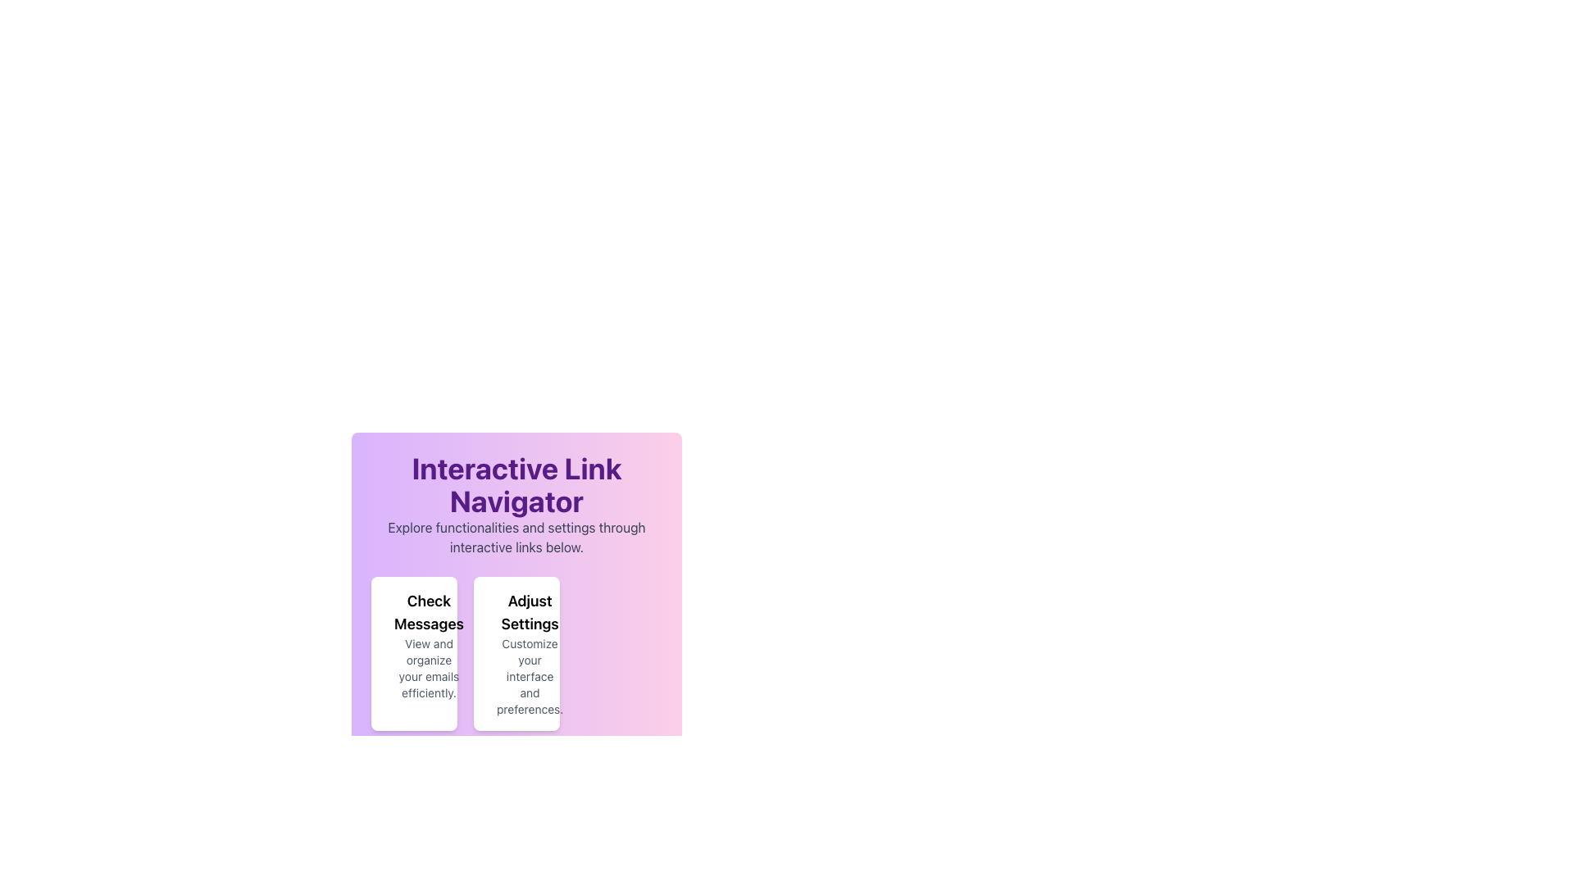  I want to click on the text element labeled 'Go to Messages' located beneath the header 'Check Messages' in the left card of the grid, so click(414, 653).